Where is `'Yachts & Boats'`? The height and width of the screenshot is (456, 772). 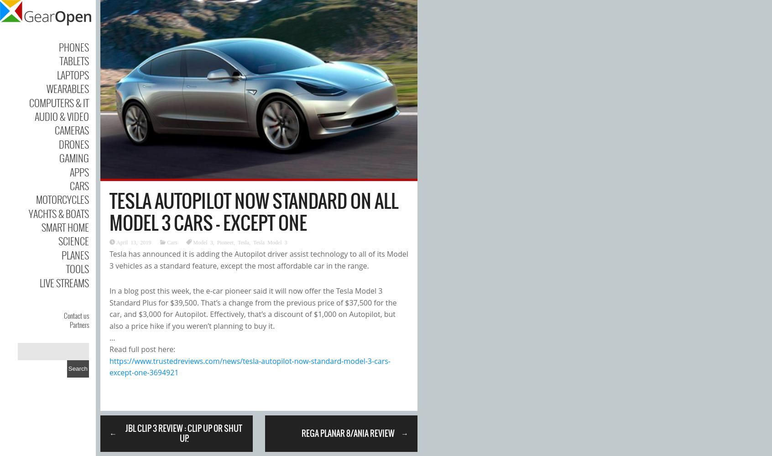
'Yachts & Boats' is located at coordinates (58, 212).